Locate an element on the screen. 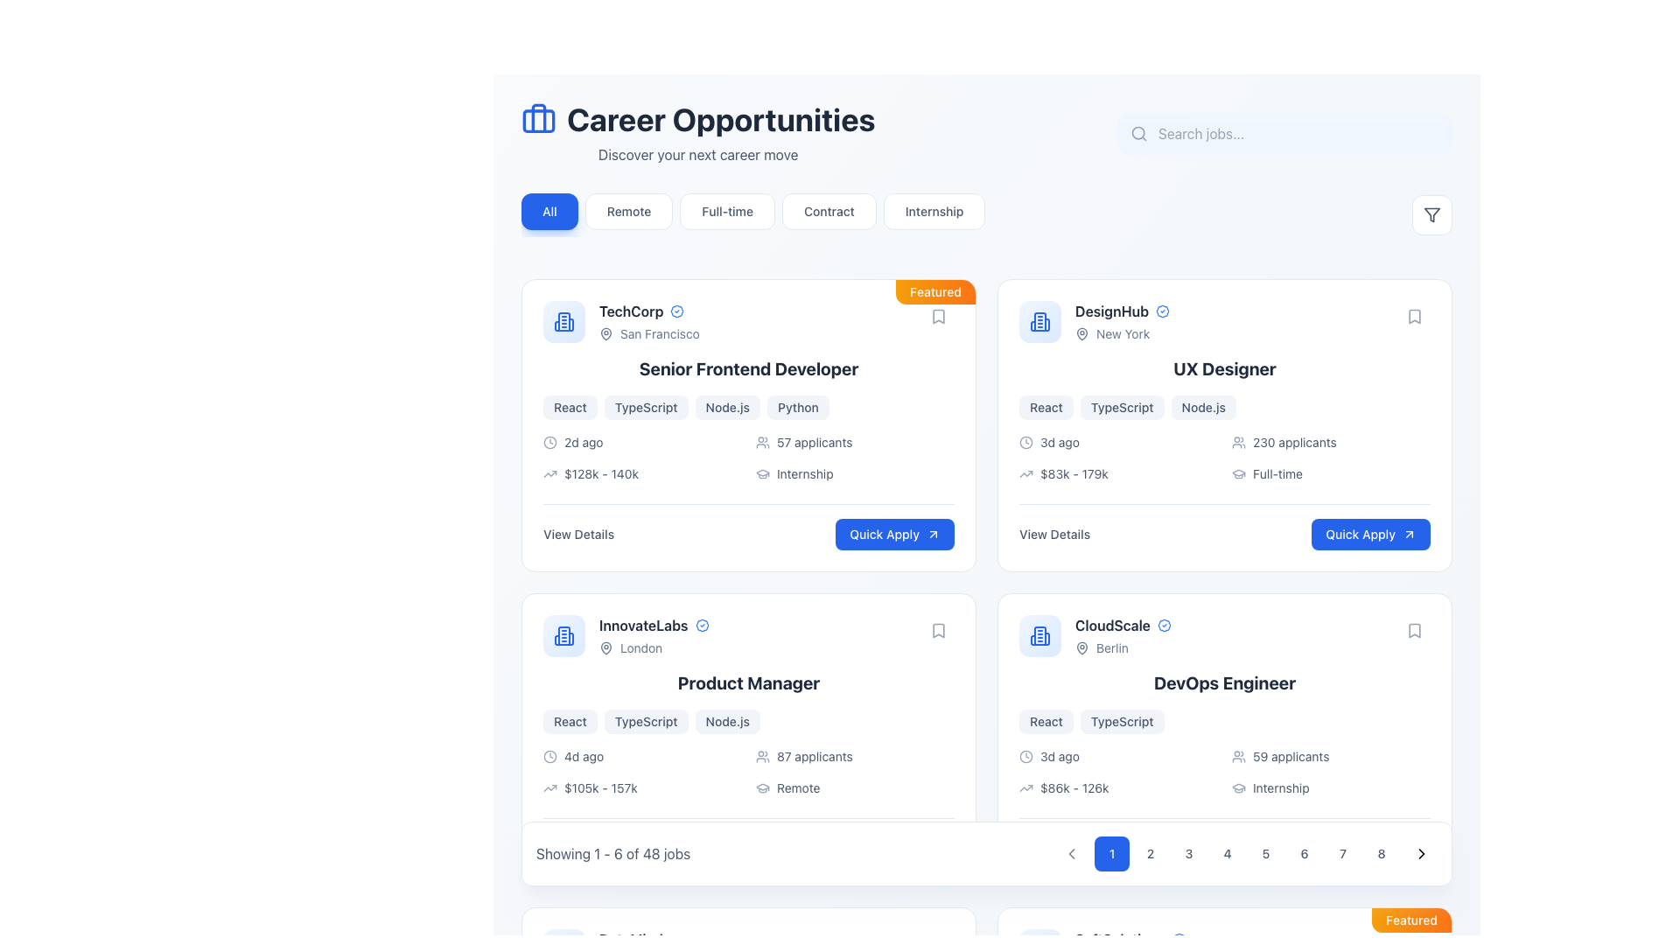  the icon resembling a group of people, located to the left of the '230 applicants' text in the job information section for 'UX Designer' at 'DesignHub' in New York is located at coordinates (1238, 441).